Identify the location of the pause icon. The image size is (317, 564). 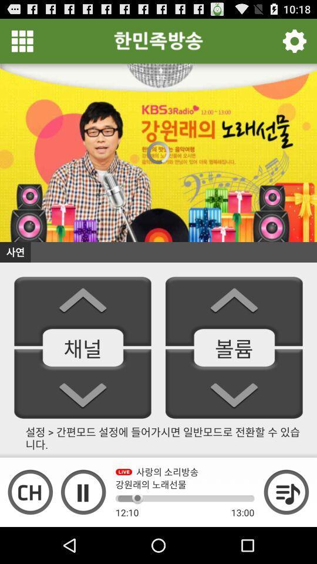
(83, 526).